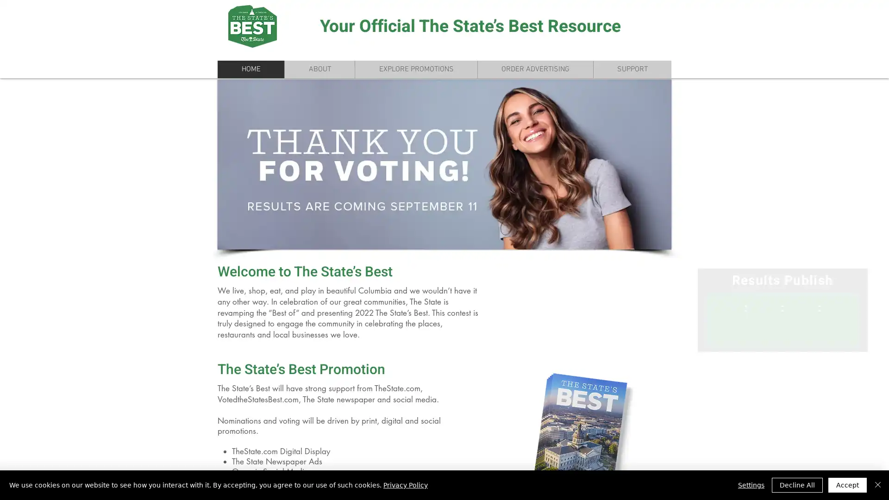  What do you see at coordinates (847, 485) in the screenshot?
I see `Accept` at bounding box center [847, 485].